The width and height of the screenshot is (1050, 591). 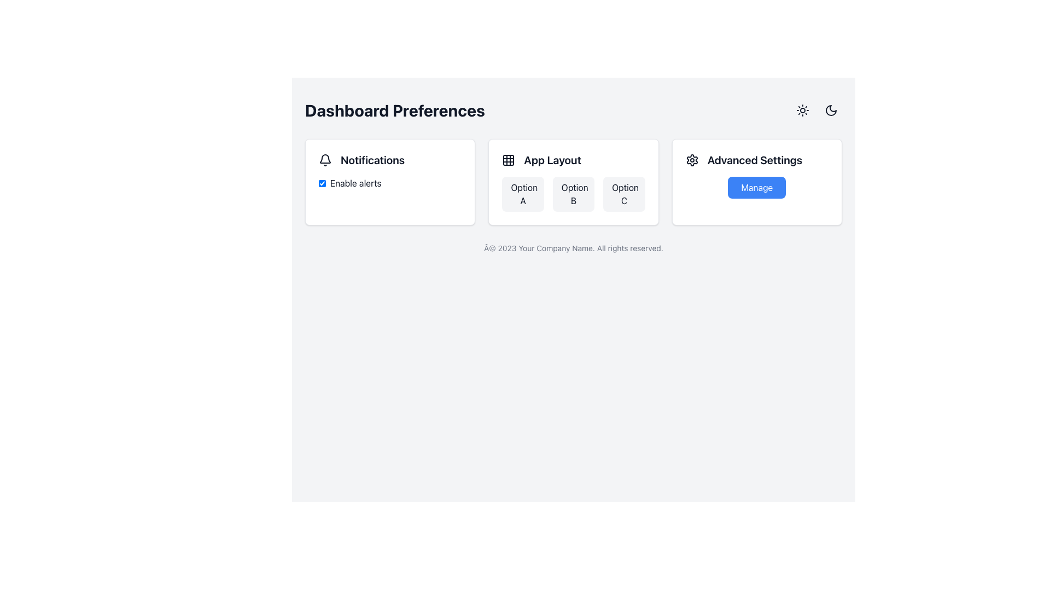 I want to click on the theme toggle button located in the top-right corner of the interface, so click(x=831, y=110).